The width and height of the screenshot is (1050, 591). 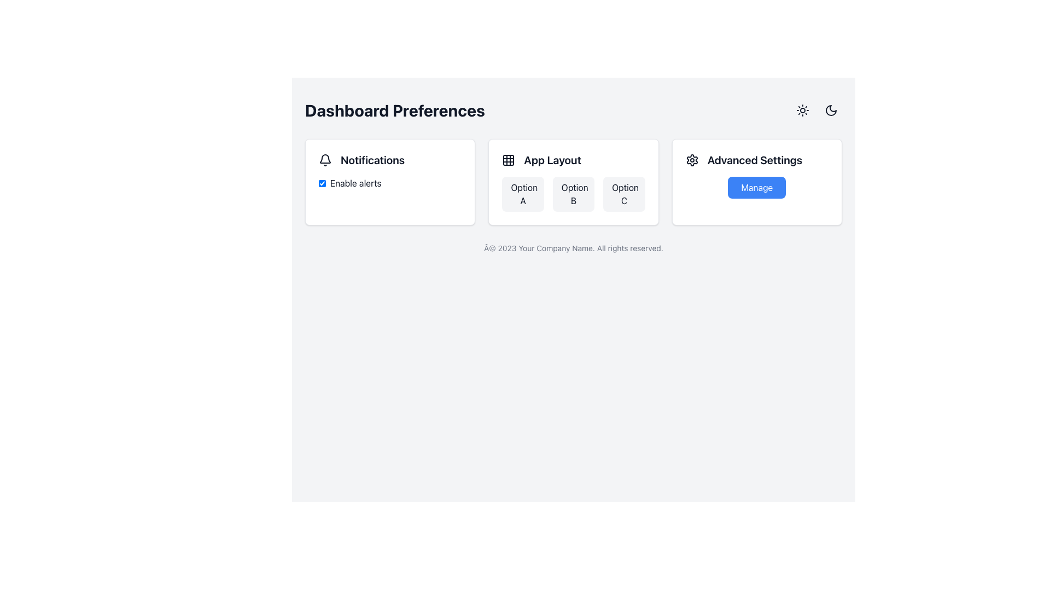 I want to click on the theme toggle button located in the top-right corner of the interface, so click(x=831, y=110).